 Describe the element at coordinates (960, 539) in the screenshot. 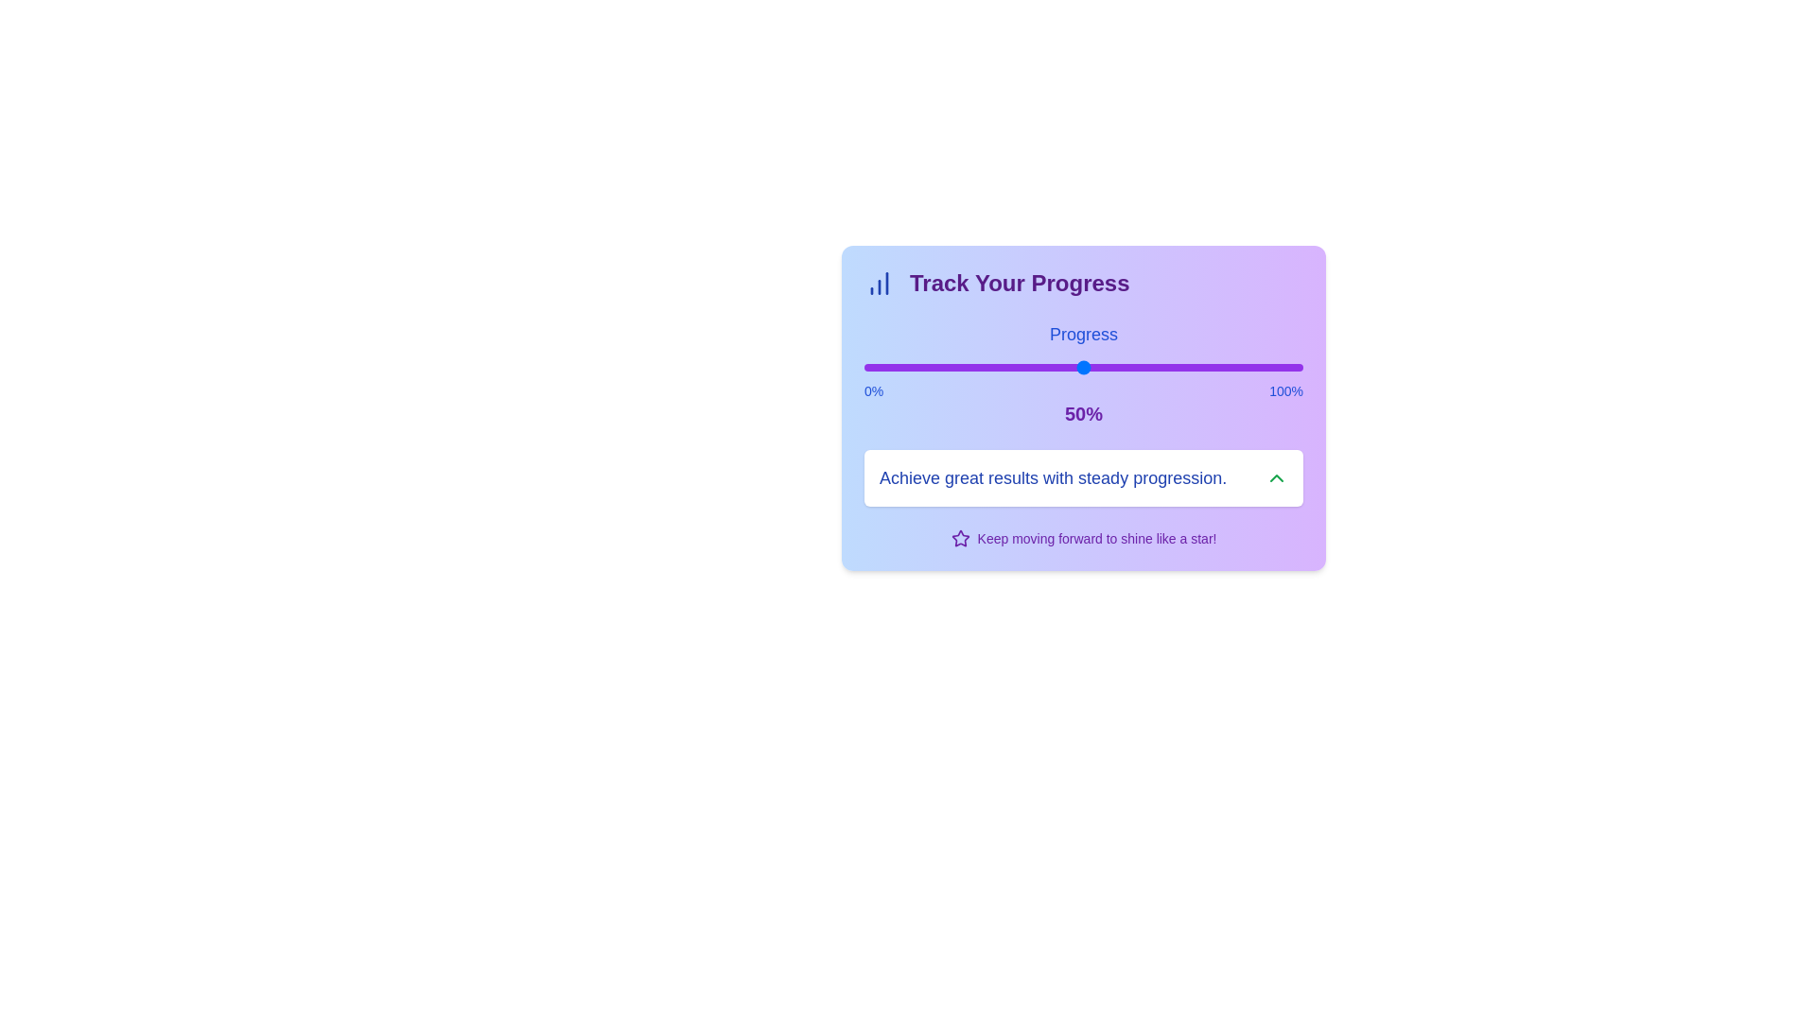

I see `the stylized purple star icon located to the left of the sentence 'Keep moving forward to shine like a star!' in the lower part of the card interface` at that location.